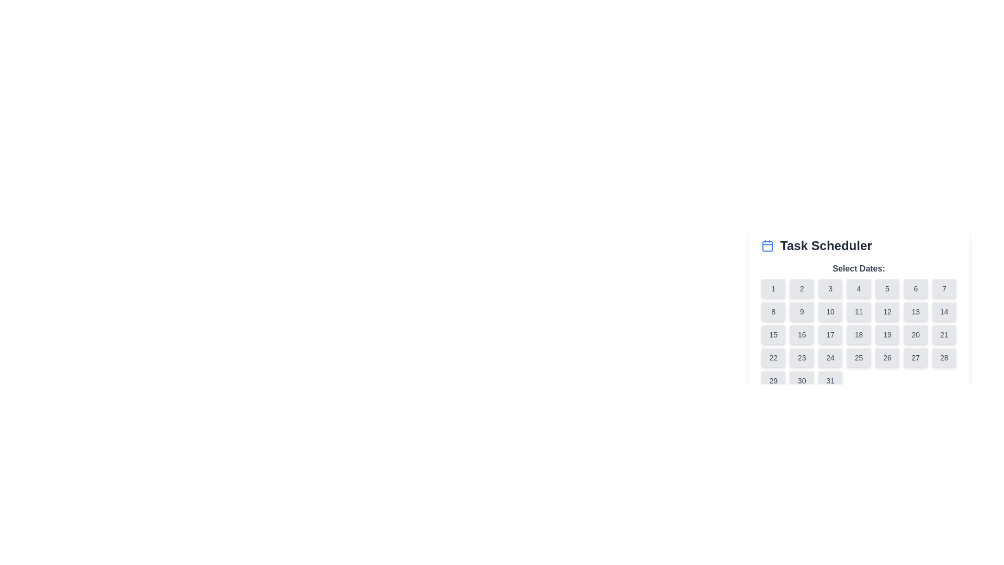 The image size is (1004, 565). What do you see at coordinates (801, 357) in the screenshot?
I see `the selectable day button` at bounding box center [801, 357].